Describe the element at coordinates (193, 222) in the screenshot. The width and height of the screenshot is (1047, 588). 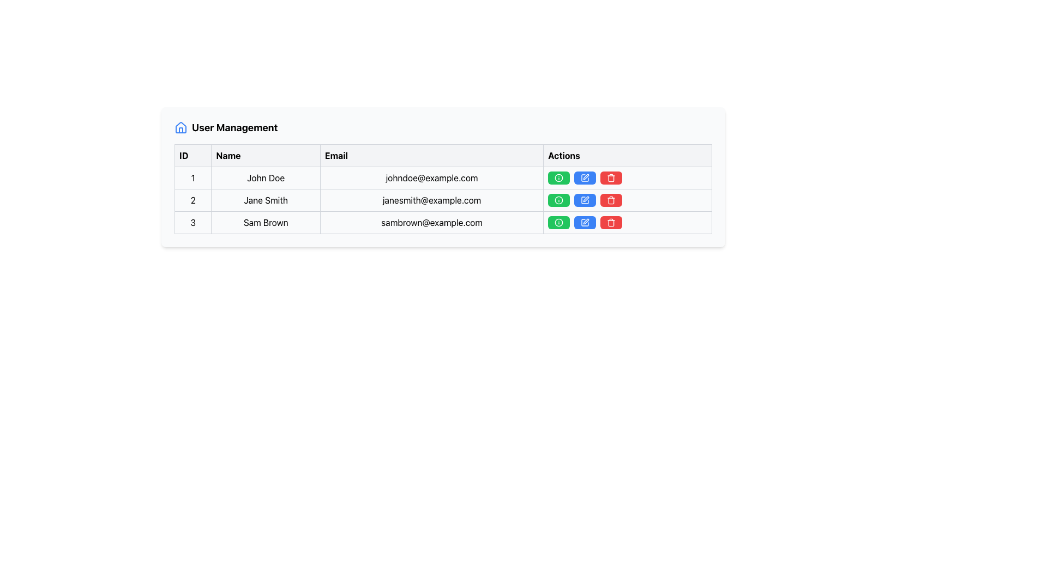
I see `the identifier number displayed in the leftmost column of the row corresponding to user 'Sam Brown' in the table` at that location.